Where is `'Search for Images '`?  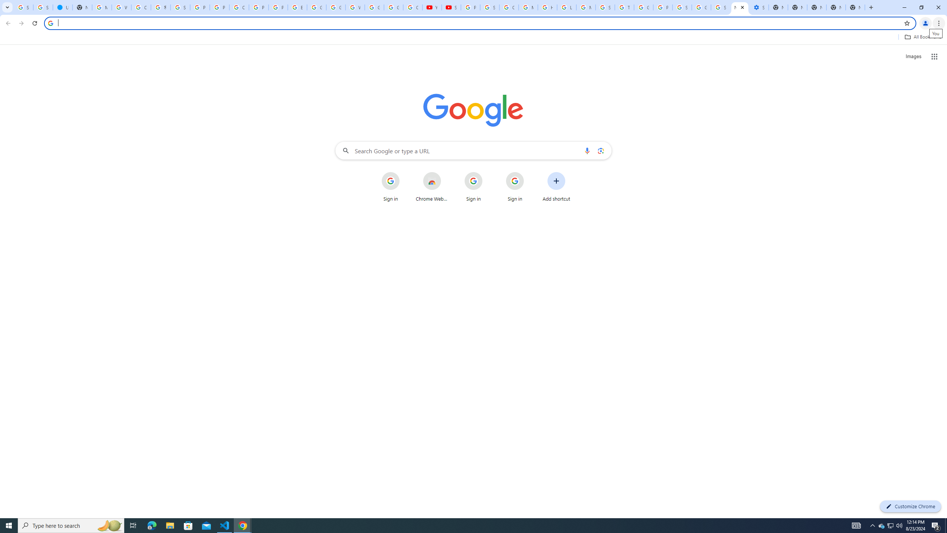 'Search for Images ' is located at coordinates (913, 57).